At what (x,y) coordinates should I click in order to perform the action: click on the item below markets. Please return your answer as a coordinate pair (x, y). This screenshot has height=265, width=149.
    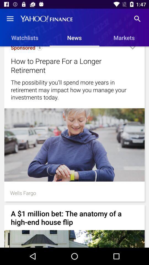
    Looking at the image, I should click on (132, 50).